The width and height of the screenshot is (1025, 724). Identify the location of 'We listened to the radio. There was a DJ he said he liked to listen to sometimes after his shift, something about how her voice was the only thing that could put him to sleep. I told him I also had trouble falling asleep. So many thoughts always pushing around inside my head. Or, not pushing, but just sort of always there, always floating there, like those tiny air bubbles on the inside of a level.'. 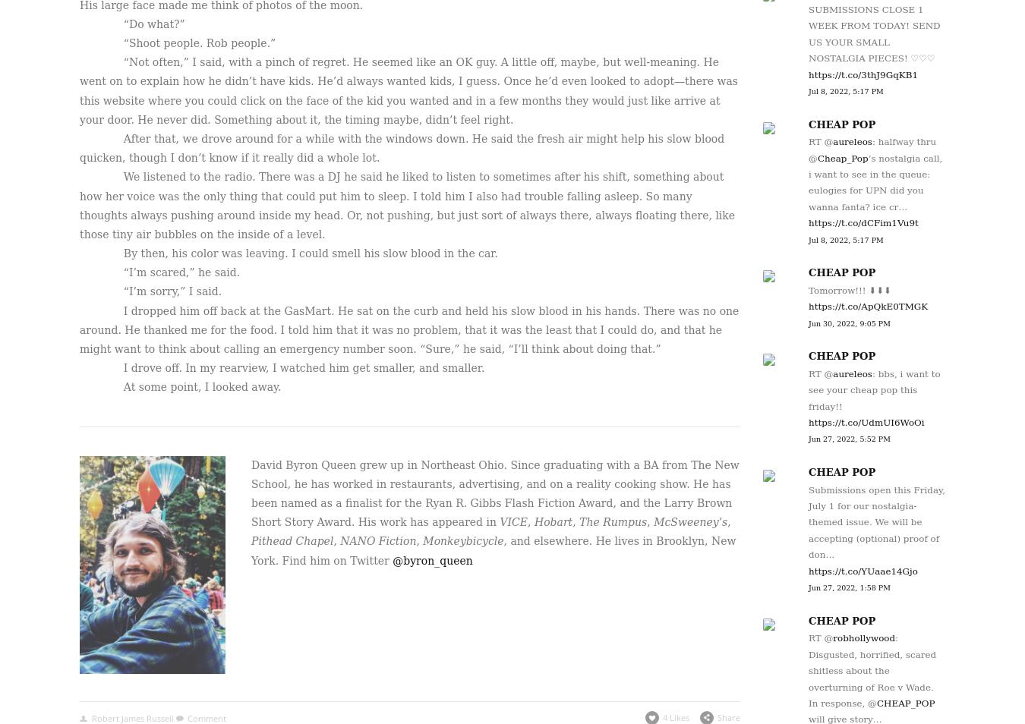
(406, 205).